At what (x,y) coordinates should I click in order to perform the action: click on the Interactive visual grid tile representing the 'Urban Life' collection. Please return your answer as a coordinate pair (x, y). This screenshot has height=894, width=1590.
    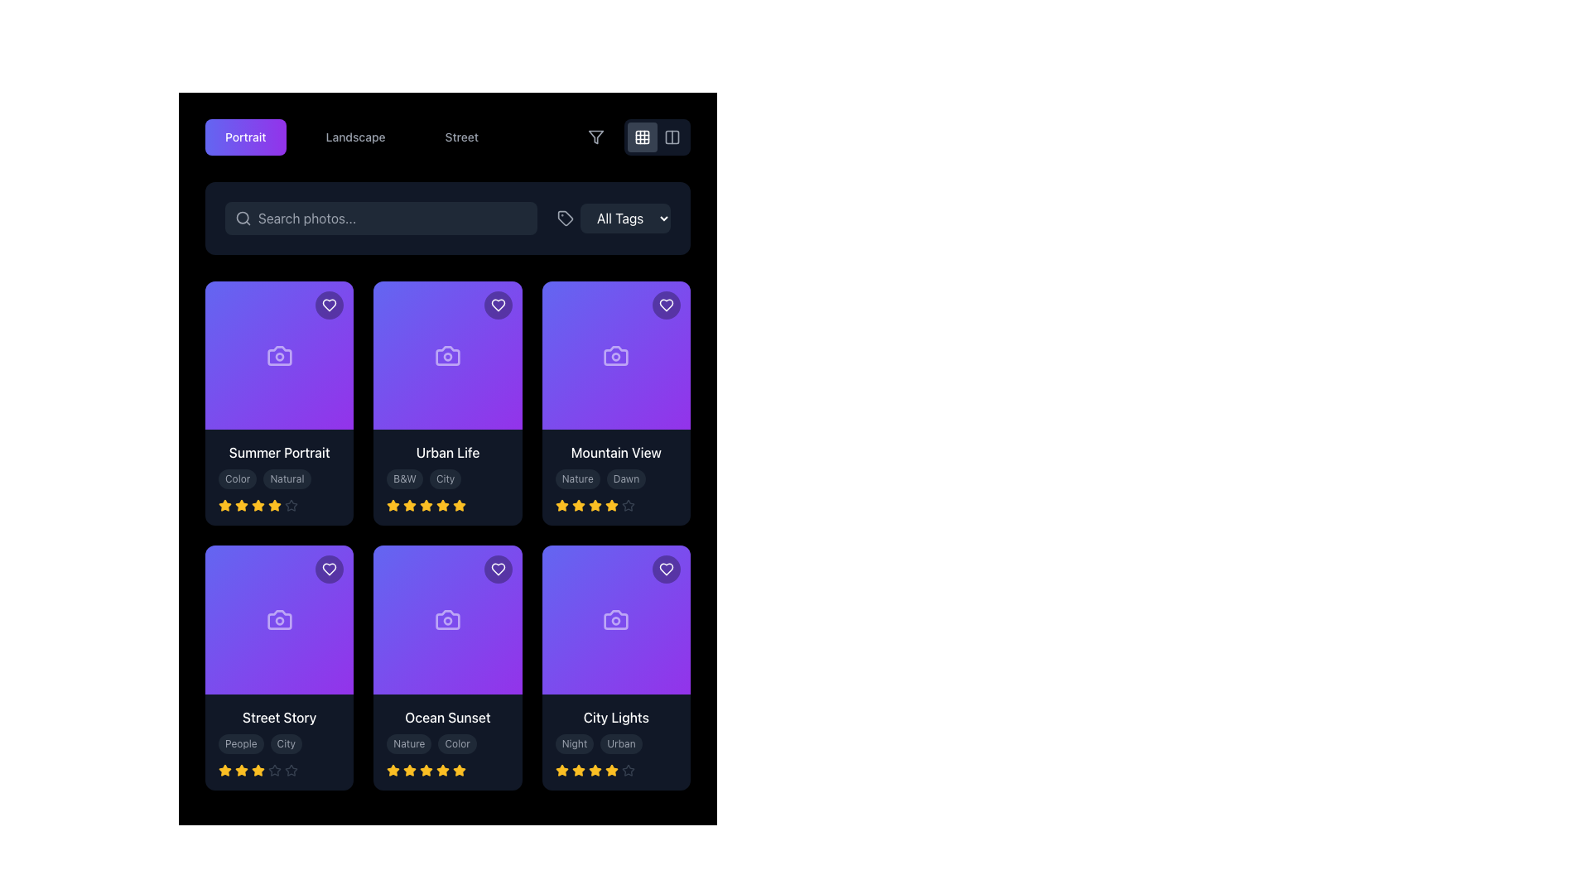
    Looking at the image, I should click on (448, 354).